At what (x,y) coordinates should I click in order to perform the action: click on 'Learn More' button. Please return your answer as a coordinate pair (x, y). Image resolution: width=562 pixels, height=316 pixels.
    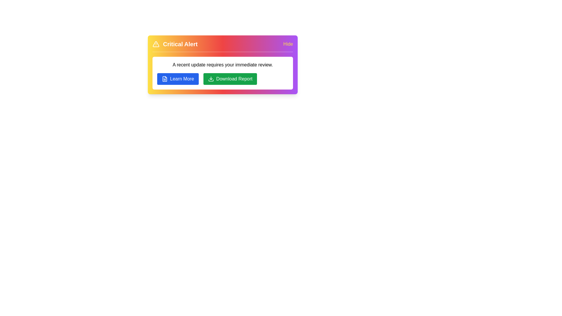
    Looking at the image, I should click on (177, 79).